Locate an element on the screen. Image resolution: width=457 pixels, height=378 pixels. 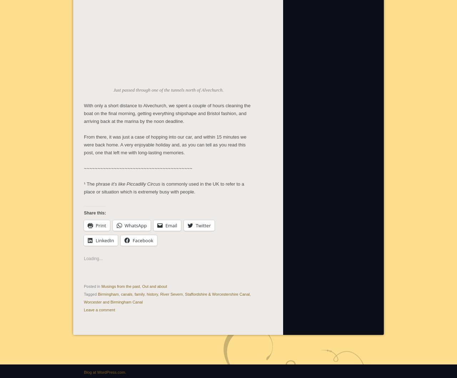
'Blog at WordPress.com.' is located at coordinates (84, 371).